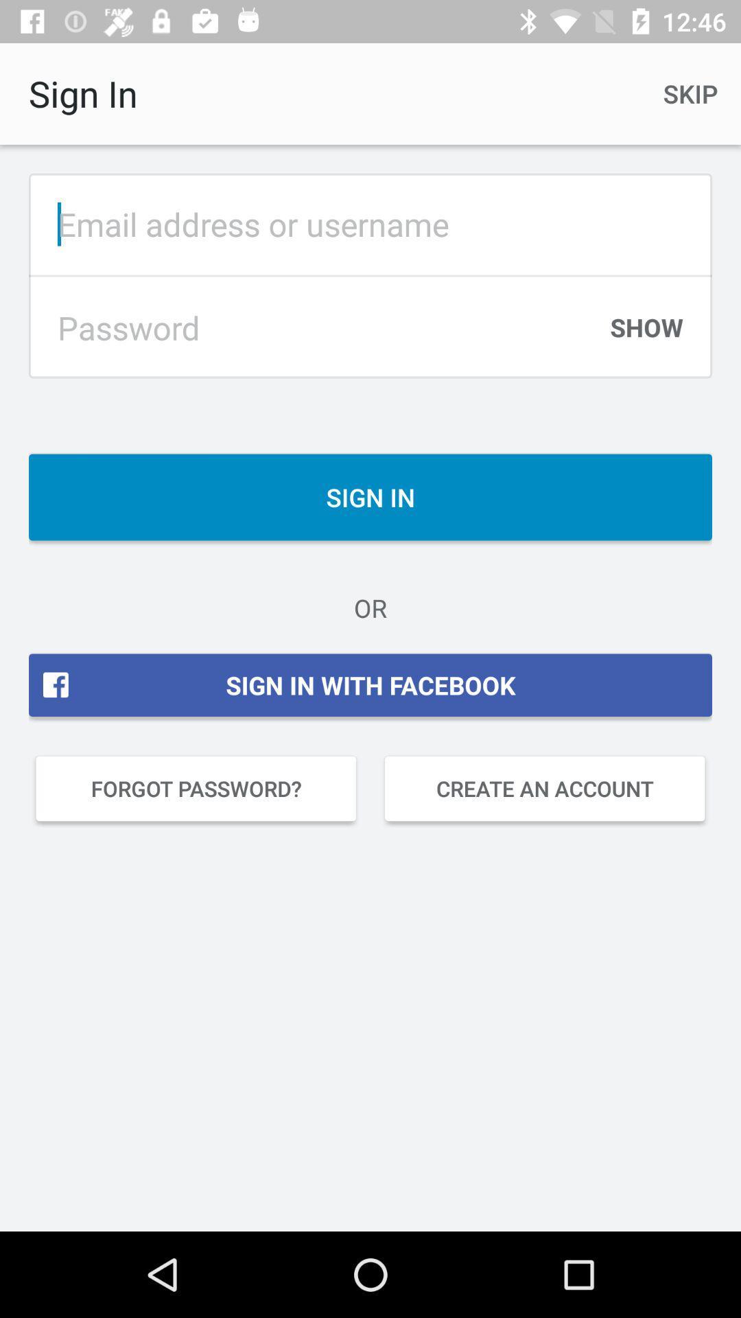 Image resolution: width=741 pixels, height=1318 pixels. Describe the element at coordinates (690, 93) in the screenshot. I see `the skip item` at that location.